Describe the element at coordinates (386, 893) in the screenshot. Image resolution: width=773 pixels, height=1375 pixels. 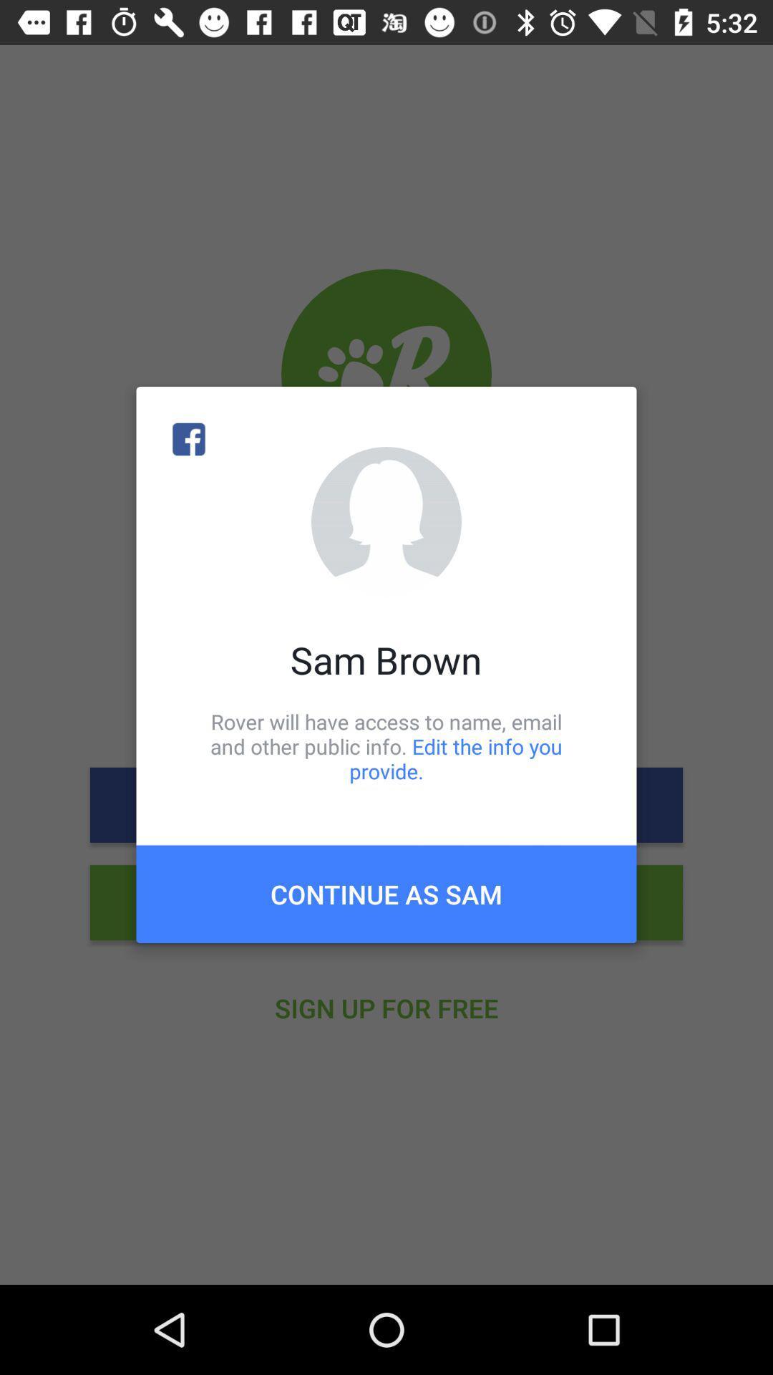
I see `continue as sam` at that location.